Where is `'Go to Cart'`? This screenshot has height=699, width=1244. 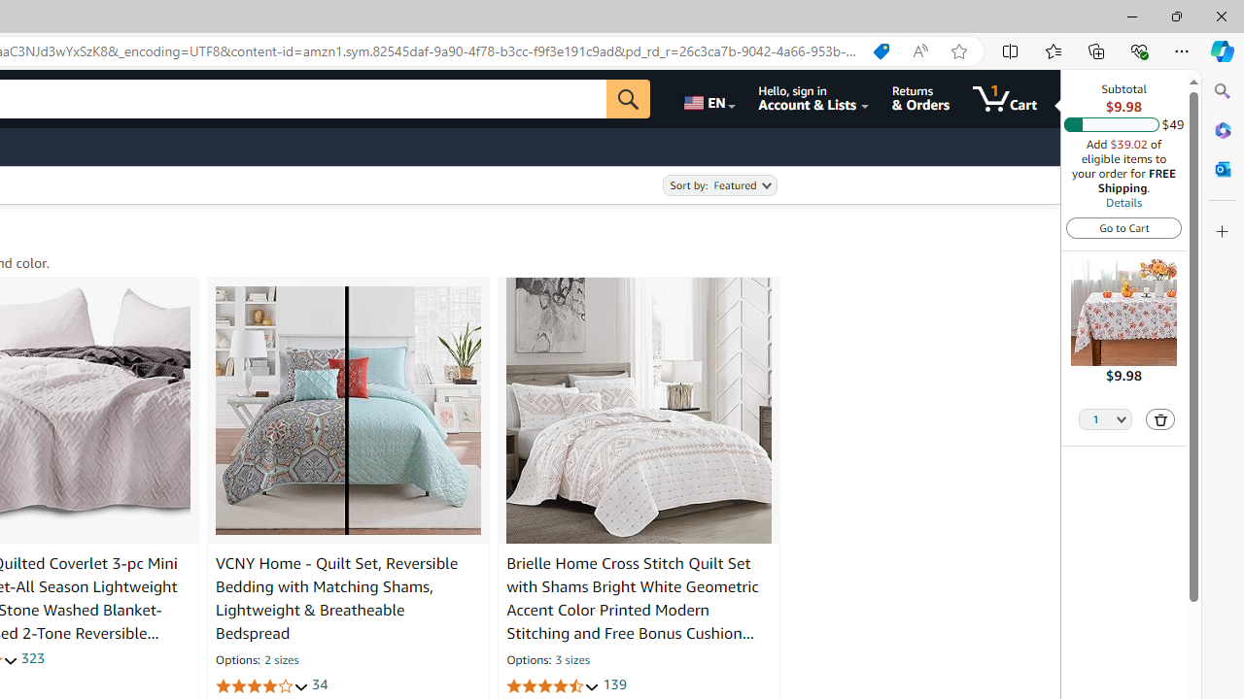
'Go to Cart' is located at coordinates (1123, 226).